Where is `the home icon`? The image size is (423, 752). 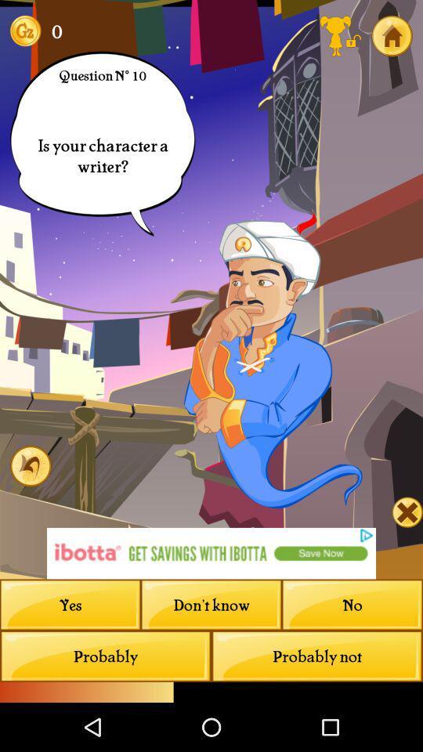 the home icon is located at coordinates (391, 38).